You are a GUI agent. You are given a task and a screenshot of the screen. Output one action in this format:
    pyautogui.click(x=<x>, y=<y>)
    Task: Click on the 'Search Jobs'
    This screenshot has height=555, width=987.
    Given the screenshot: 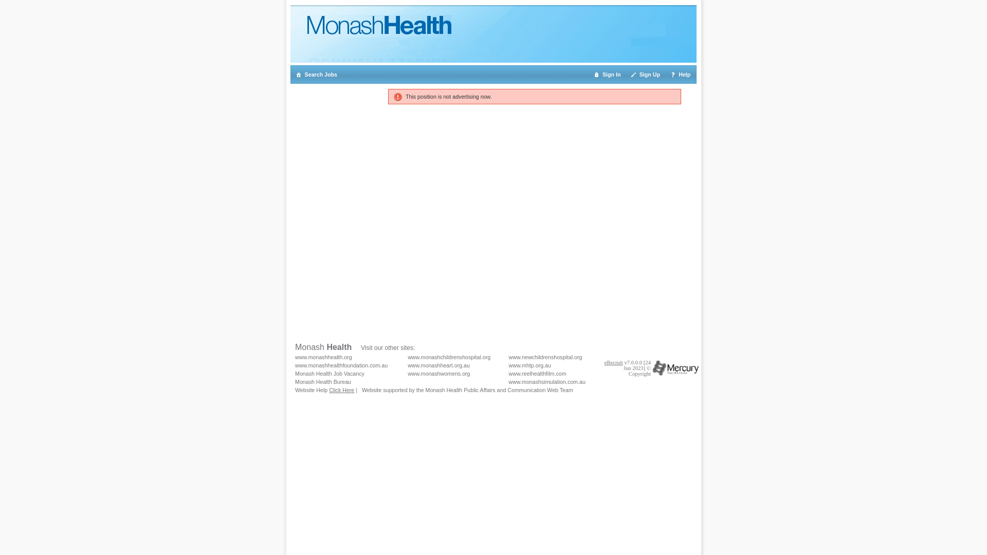 What is the action you would take?
    pyautogui.click(x=290, y=74)
    